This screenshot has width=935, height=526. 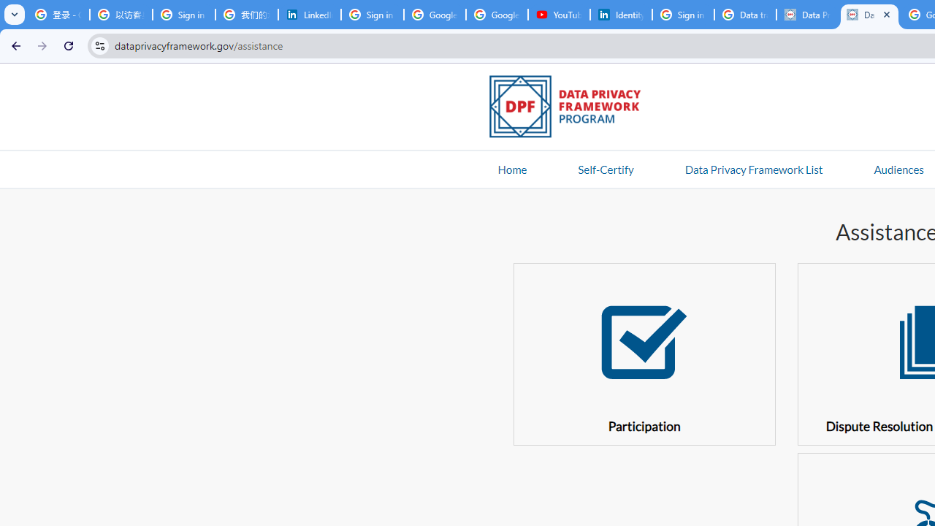 What do you see at coordinates (643, 354) in the screenshot?
I see `' Participation'` at bounding box center [643, 354].